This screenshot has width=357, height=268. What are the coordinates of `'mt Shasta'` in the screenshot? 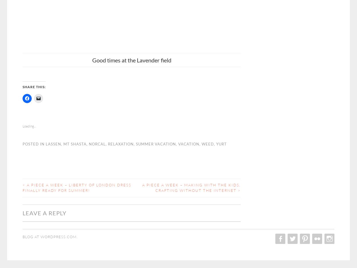 It's located at (75, 143).